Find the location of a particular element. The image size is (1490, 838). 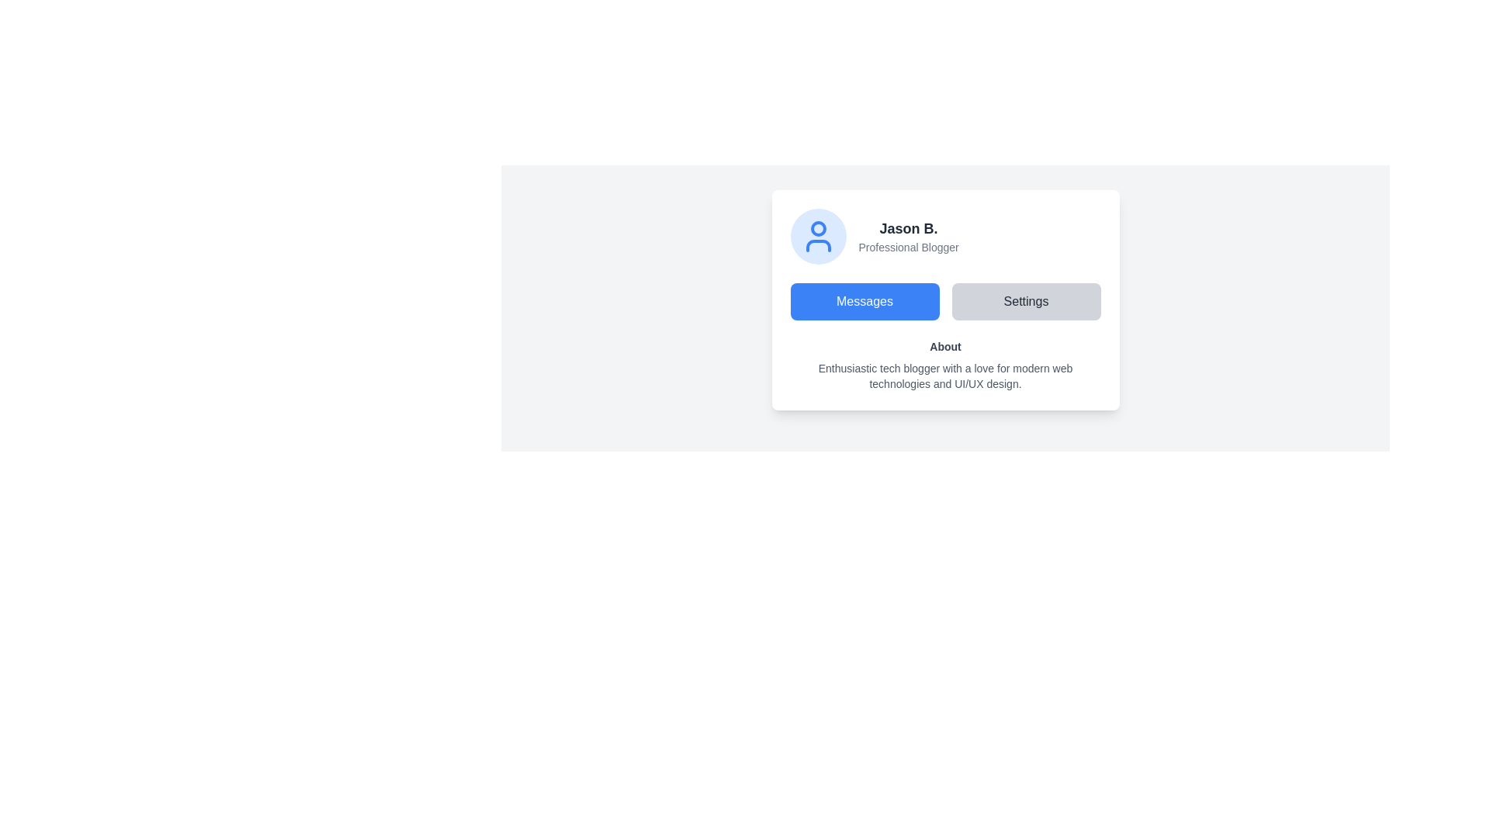

the circular light blue profile icon with a blue outlined user figure located to the left of the textual elements 'Jason B.' and 'Professional Blogger' is located at coordinates (817, 236).